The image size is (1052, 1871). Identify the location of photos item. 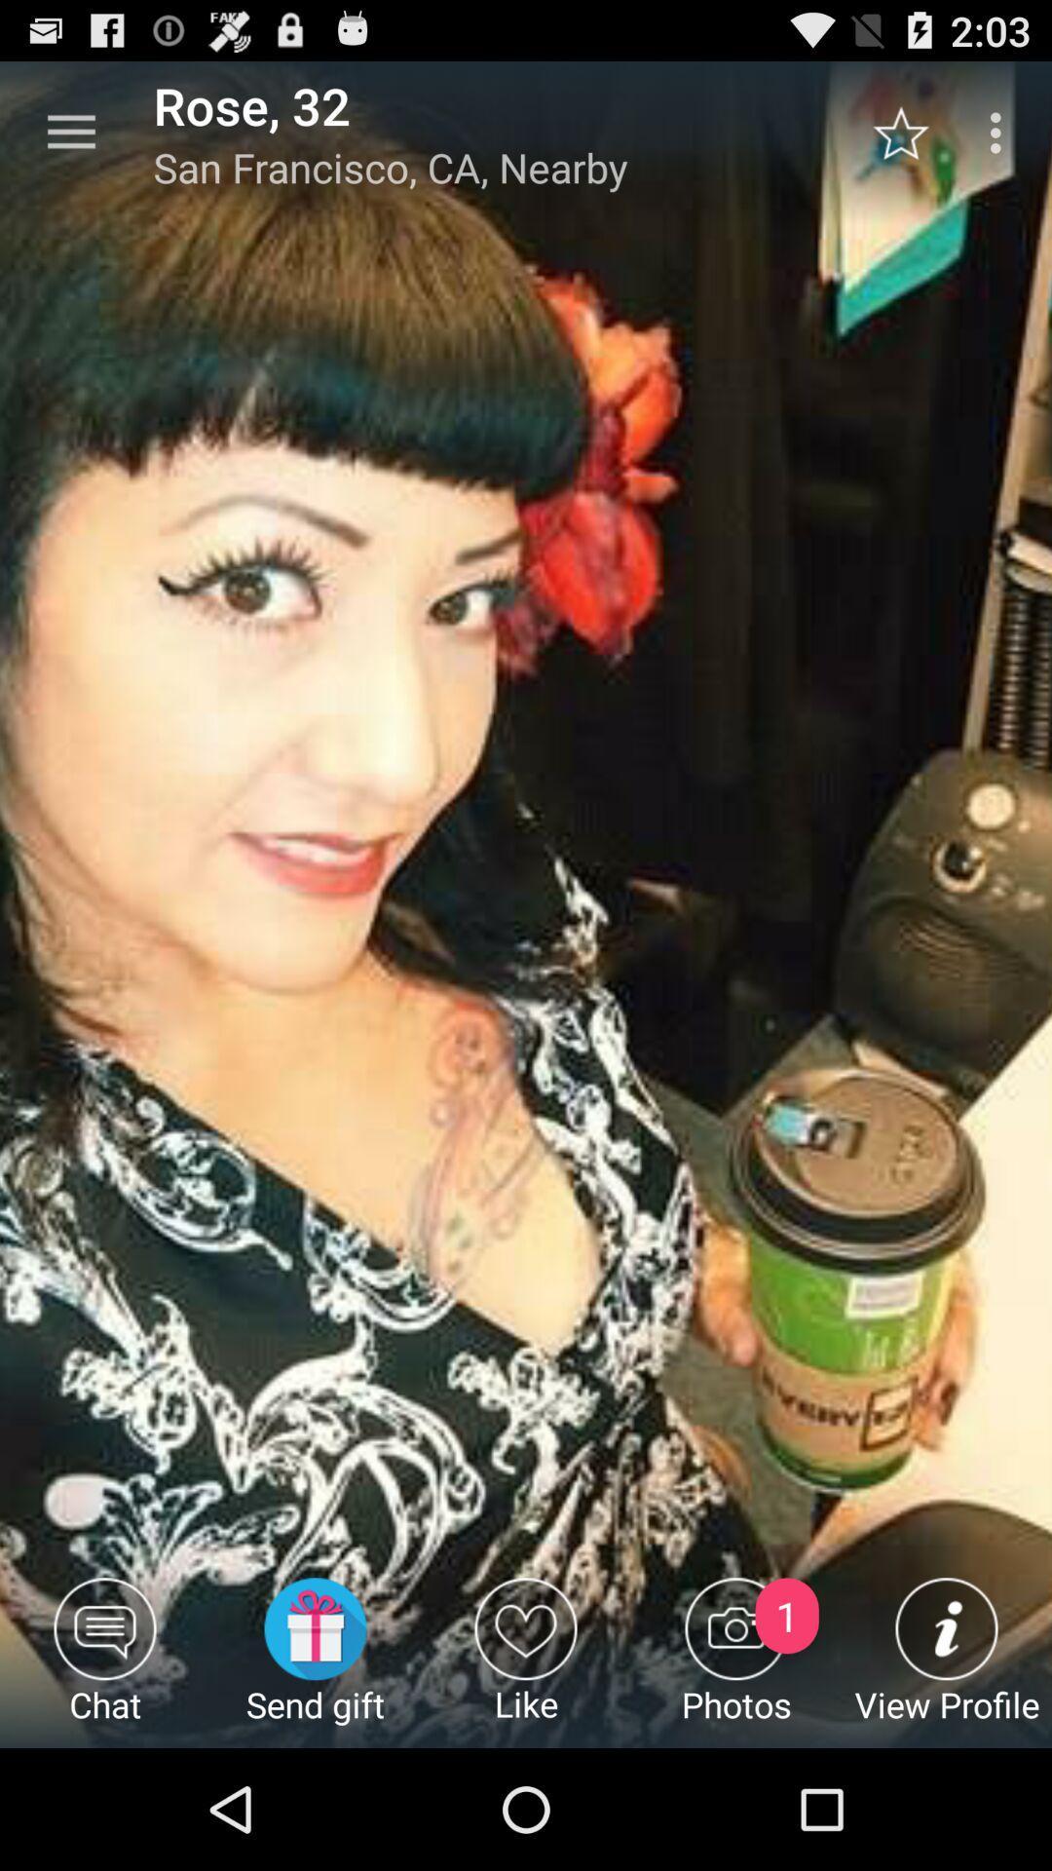
(736, 1661).